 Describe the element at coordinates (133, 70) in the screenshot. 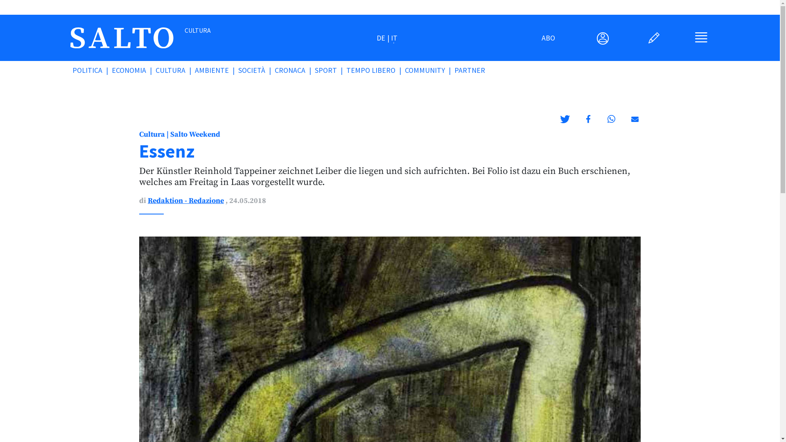

I see `'ECONOMIA'` at that location.